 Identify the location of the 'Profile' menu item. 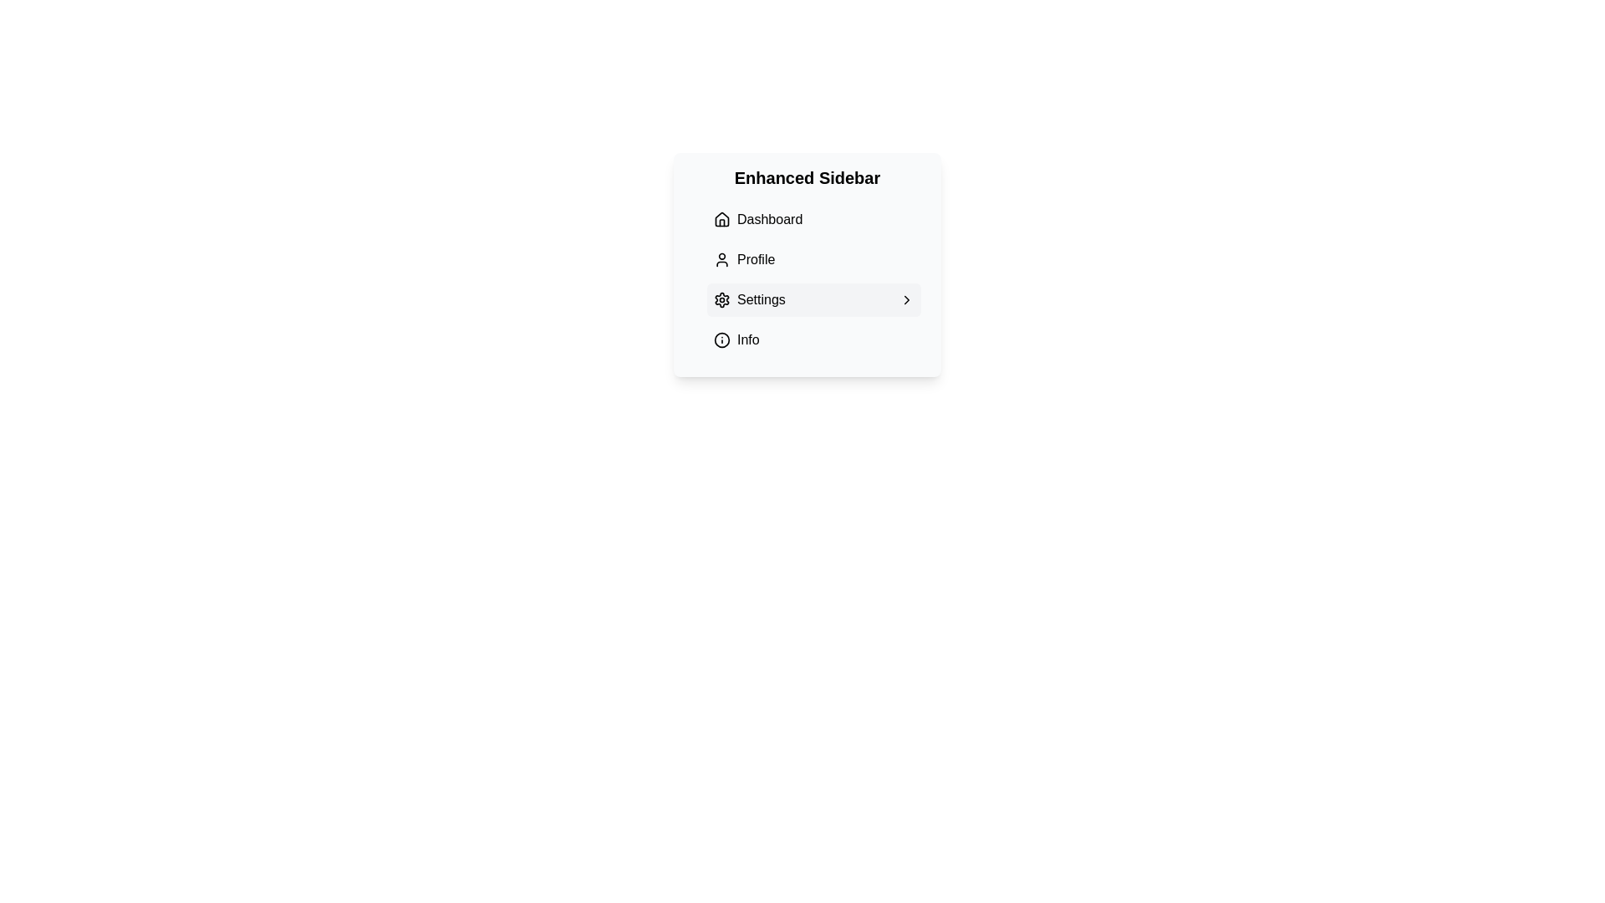
(814, 260).